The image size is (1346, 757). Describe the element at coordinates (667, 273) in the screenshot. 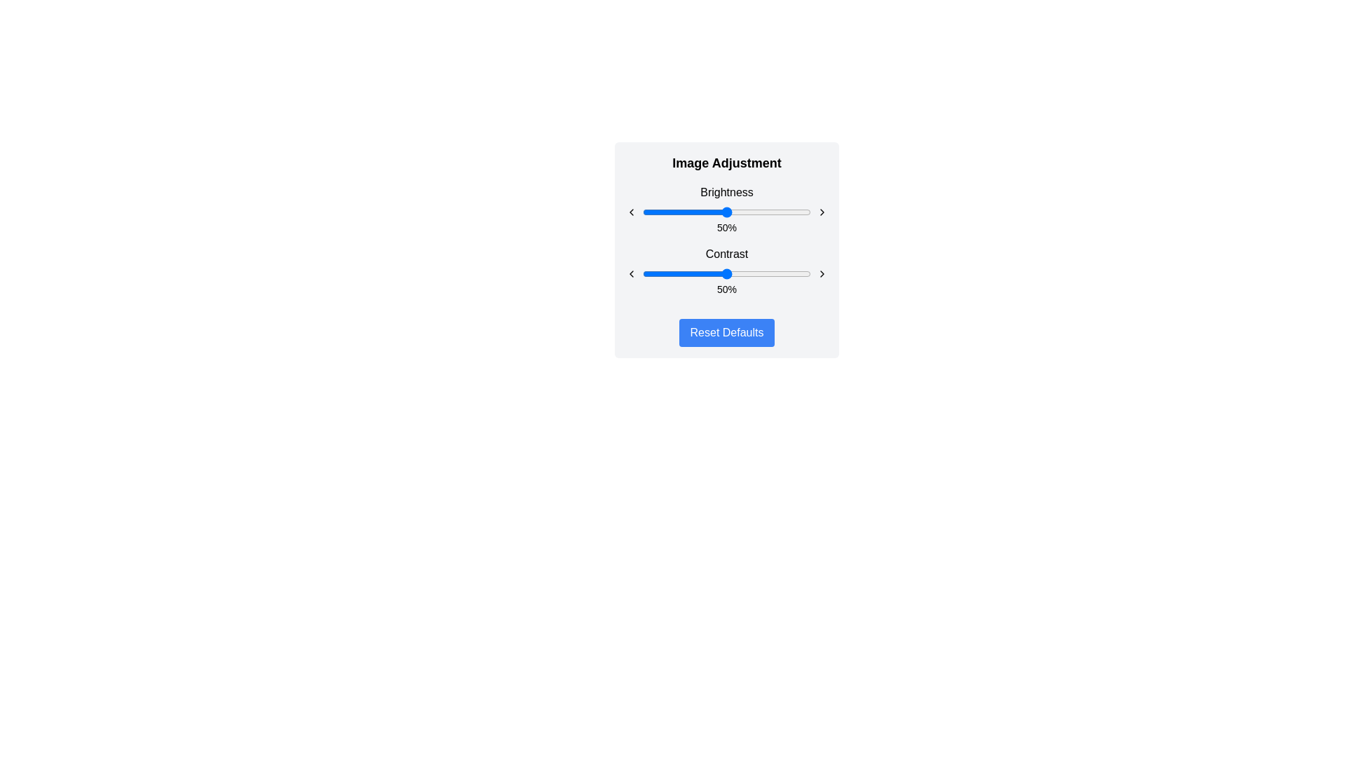

I see `contrast` at that location.